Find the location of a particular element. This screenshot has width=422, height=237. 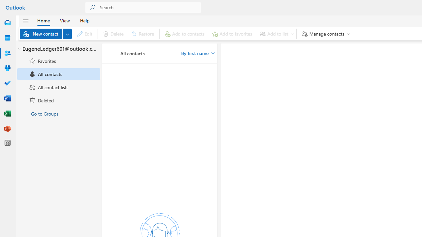

'Restore' is located at coordinates (142, 34).